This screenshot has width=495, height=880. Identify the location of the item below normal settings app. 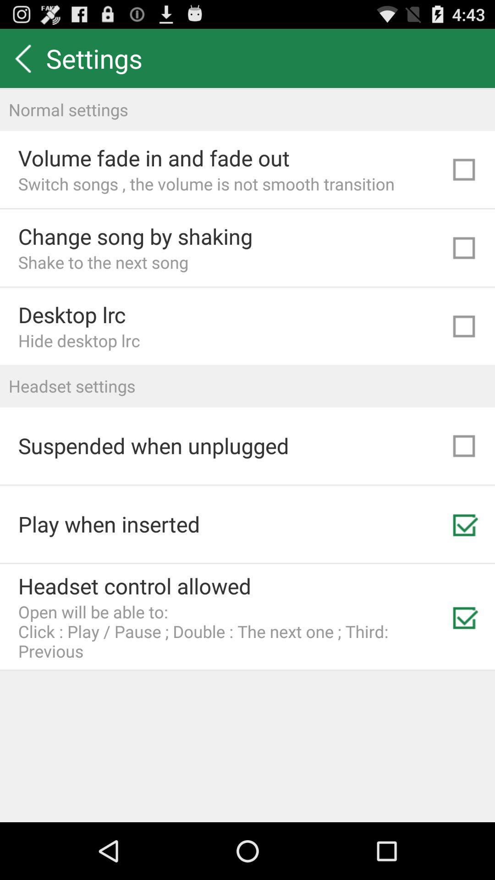
(153, 158).